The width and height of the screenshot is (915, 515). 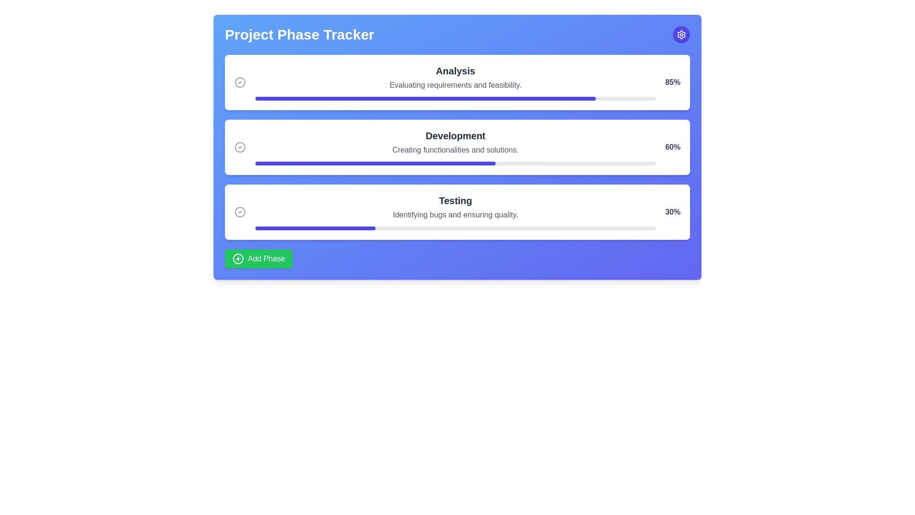 I want to click on the circular SVG element located in the 'Development' section of the progress tracker interface, which is aligned with a checklist icon, so click(x=240, y=147).